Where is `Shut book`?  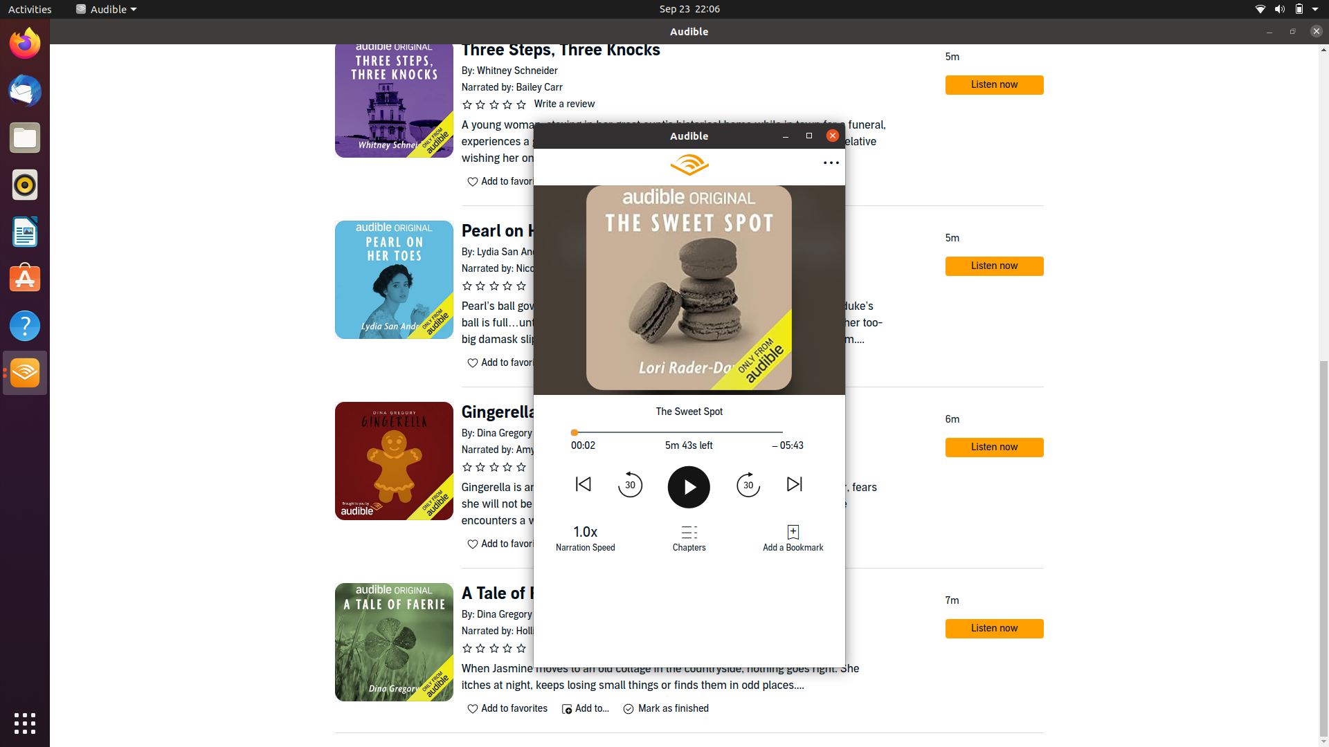 Shut book is located at coordinates (832, 136).